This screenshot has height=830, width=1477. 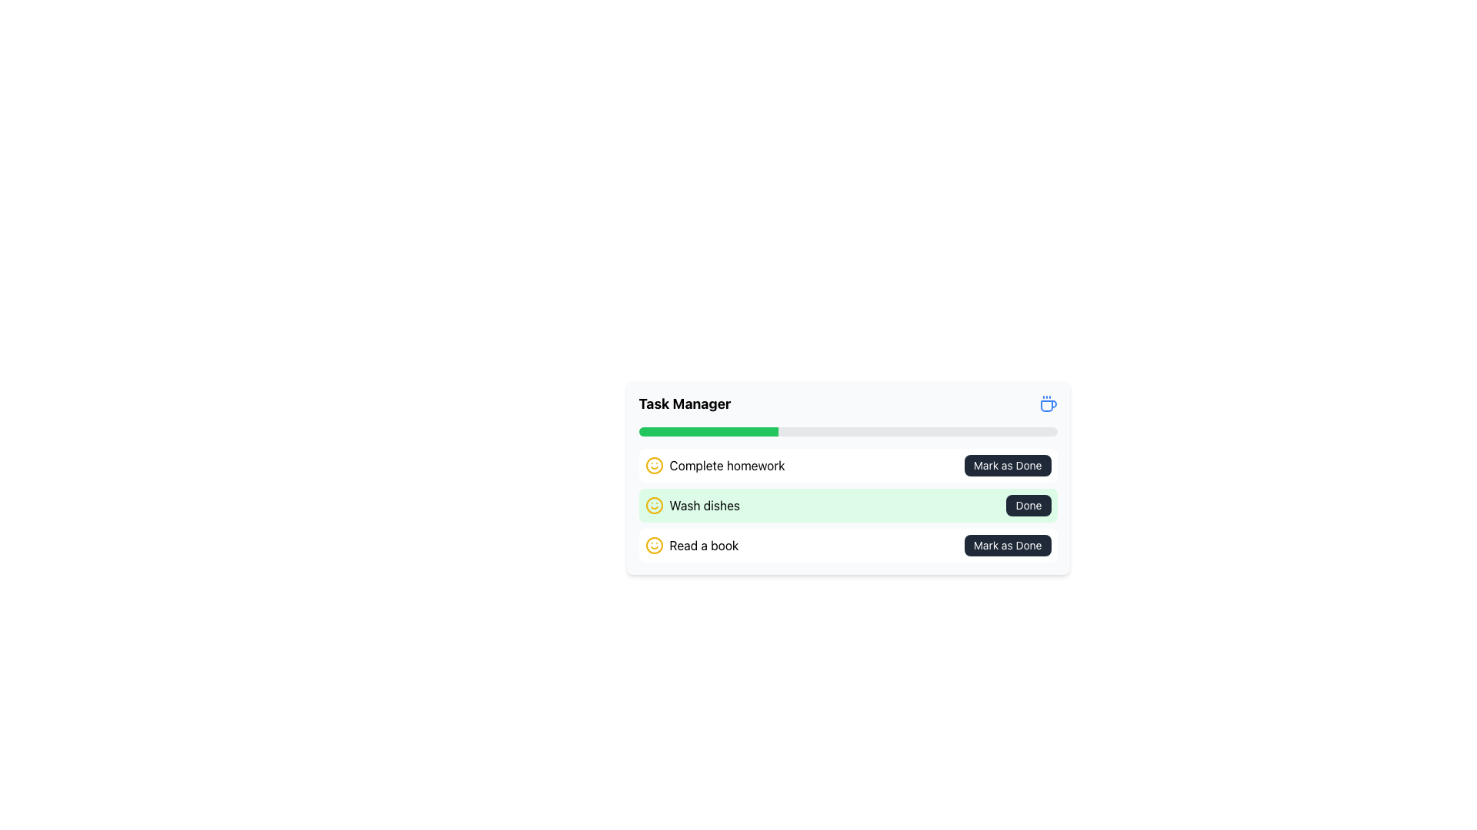 I want to click on the 'Wash dishes' label with a smiley icon, which is the second task in the task list, located between 'Complete homework' and 'Read a book', so click(x=692, y=506).